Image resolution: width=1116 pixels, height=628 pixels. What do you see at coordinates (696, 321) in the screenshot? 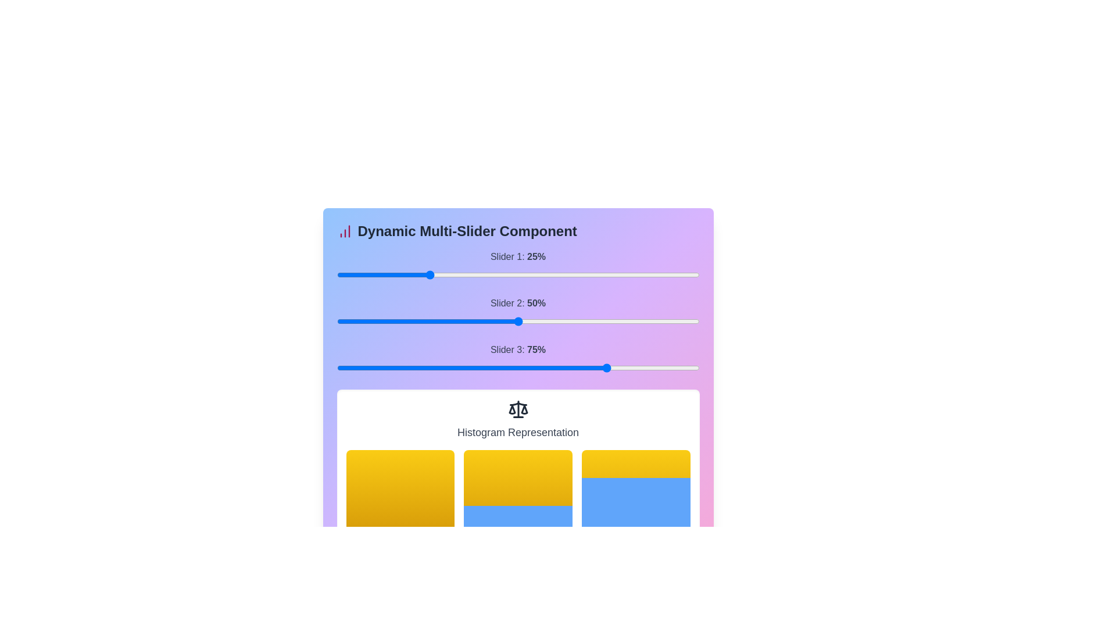
I see `the slider 2 to 98% to observe histogram changes` at bounding box center [696, 321].